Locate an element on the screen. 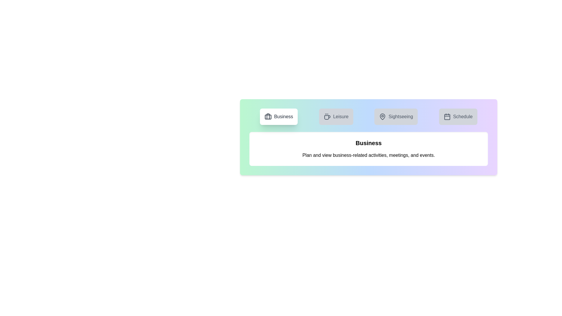 The image size is (562, 316). the tab labeled Sightseeing to view its content is located at coordinates (396, 116).